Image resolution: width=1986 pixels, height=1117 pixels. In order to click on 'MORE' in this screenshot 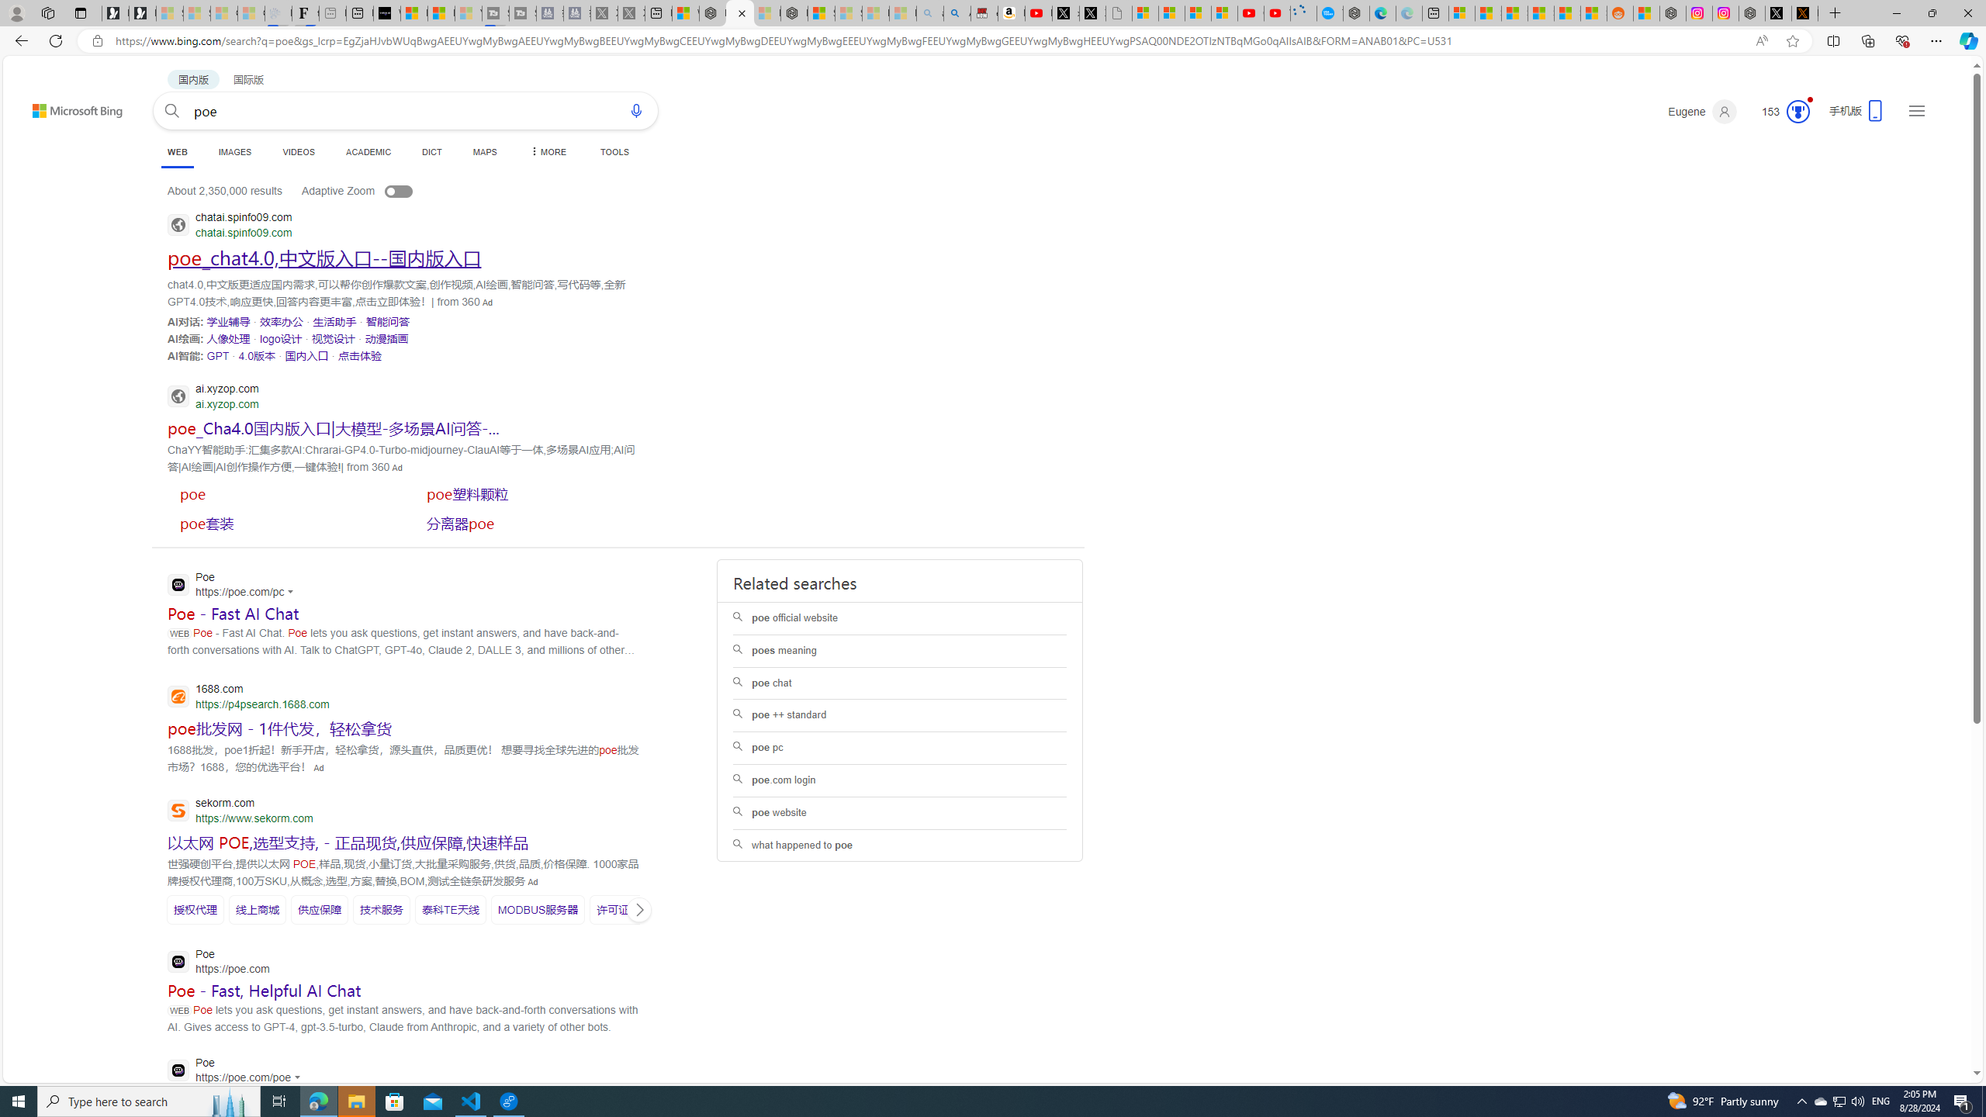, I will do `click(546, 151)`.